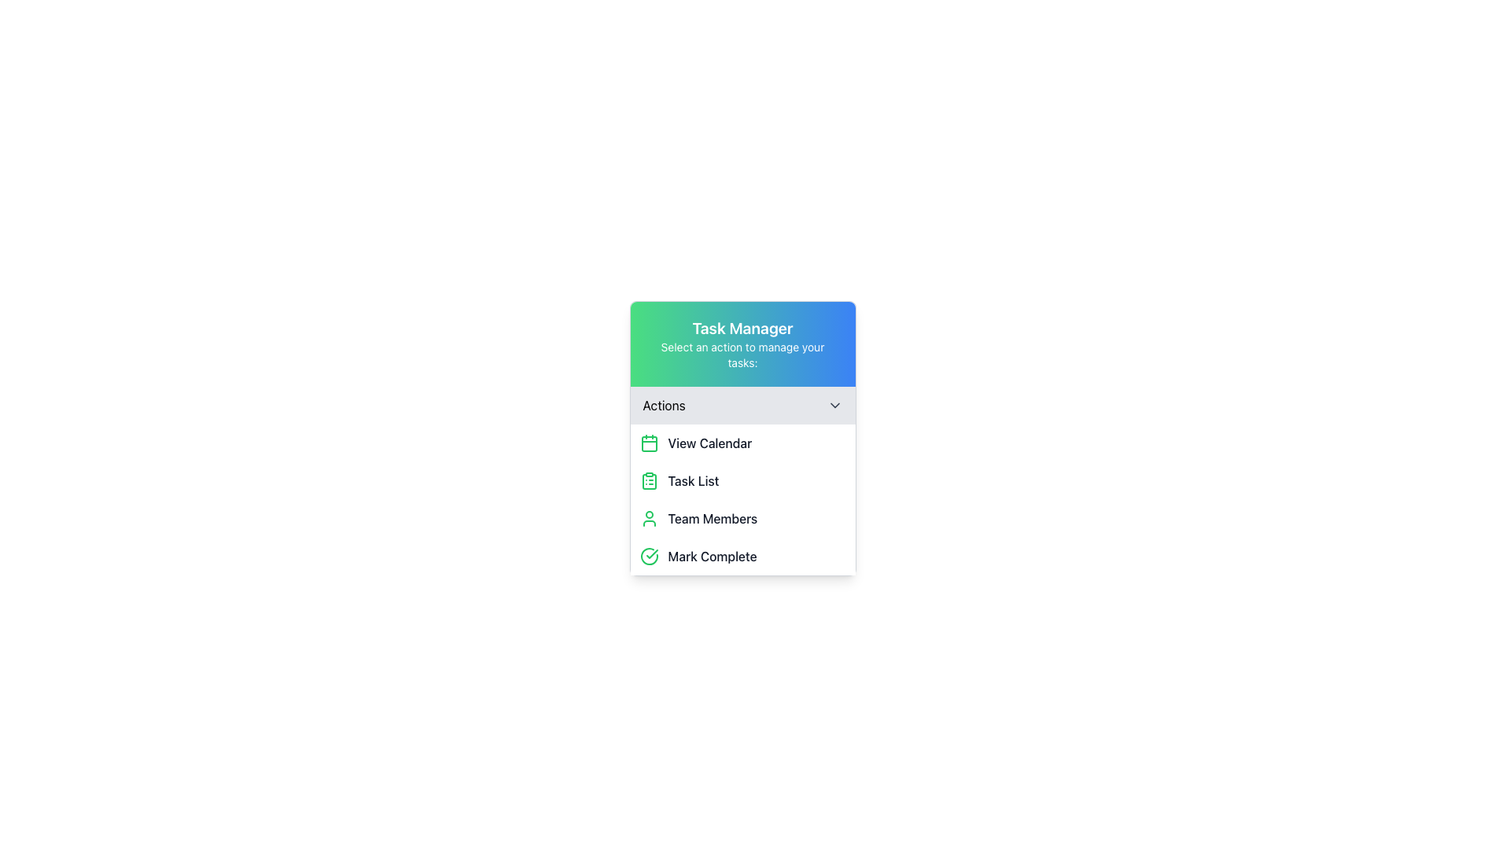  What do you see at coordinates (649, 443) in the screenshot?
I see `the graphical rectangular component that resembles the main body of the calendar icon, located at the lower section of the calendar design in the 'Actions' section` at bounding box center [649, 443].